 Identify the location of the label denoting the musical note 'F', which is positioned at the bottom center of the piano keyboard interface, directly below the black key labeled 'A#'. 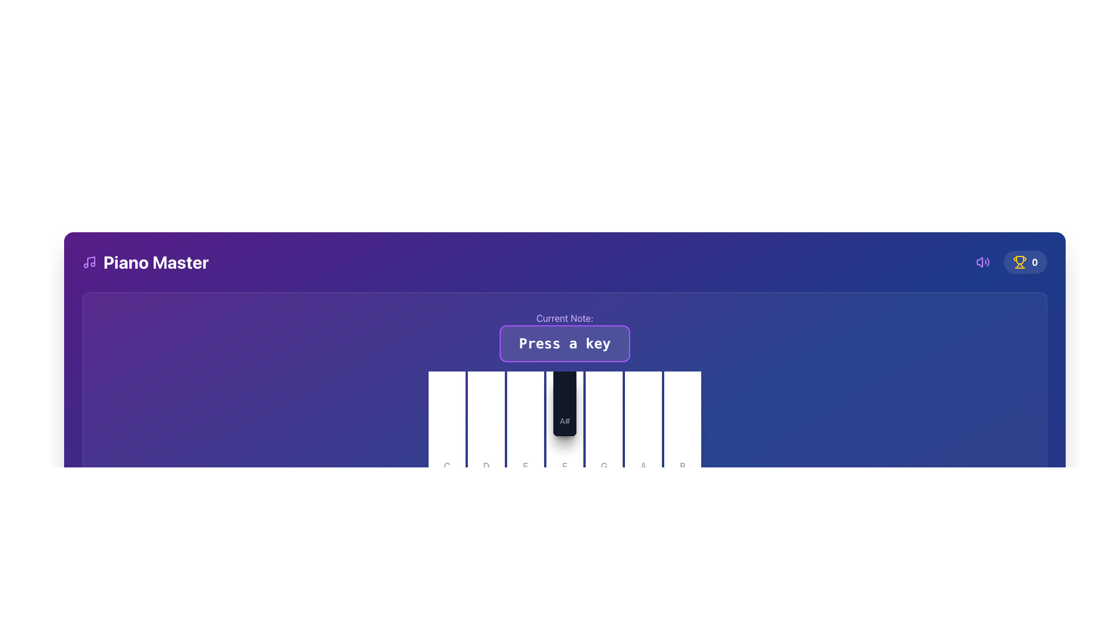
(565, 465).